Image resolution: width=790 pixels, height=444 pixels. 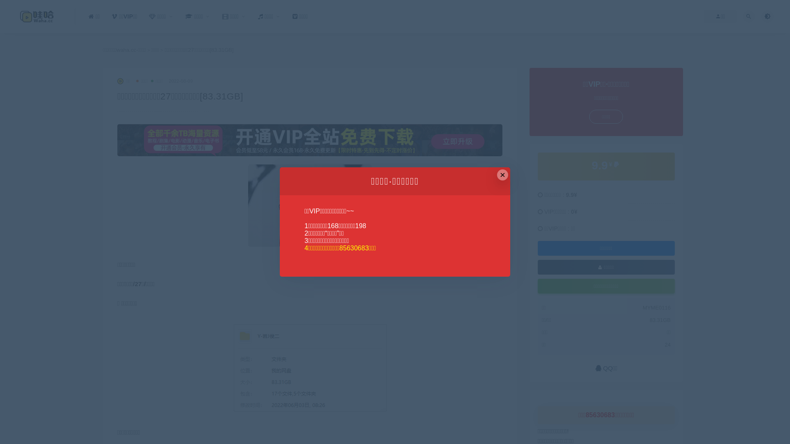 What do you see at coordinates (180, 81) in the screenshot?
I see `'2022-08-09'` at bounding box center [180, 81].